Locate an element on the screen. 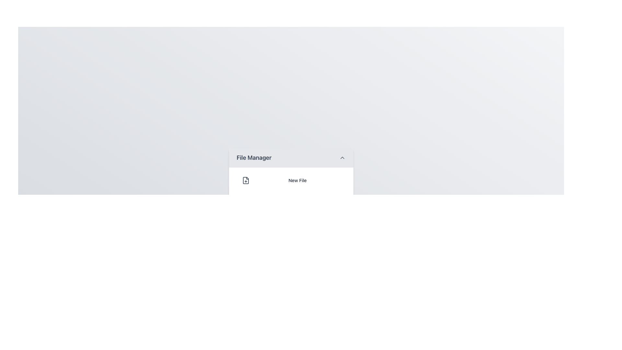 This screenshot has width=622, height=350. the text label that serves as a title or header for the file management interface, located in the center-left section of a rectangular panel with a light gray background, positioned to the left of an interactive button is located at coordinates (254, 157).